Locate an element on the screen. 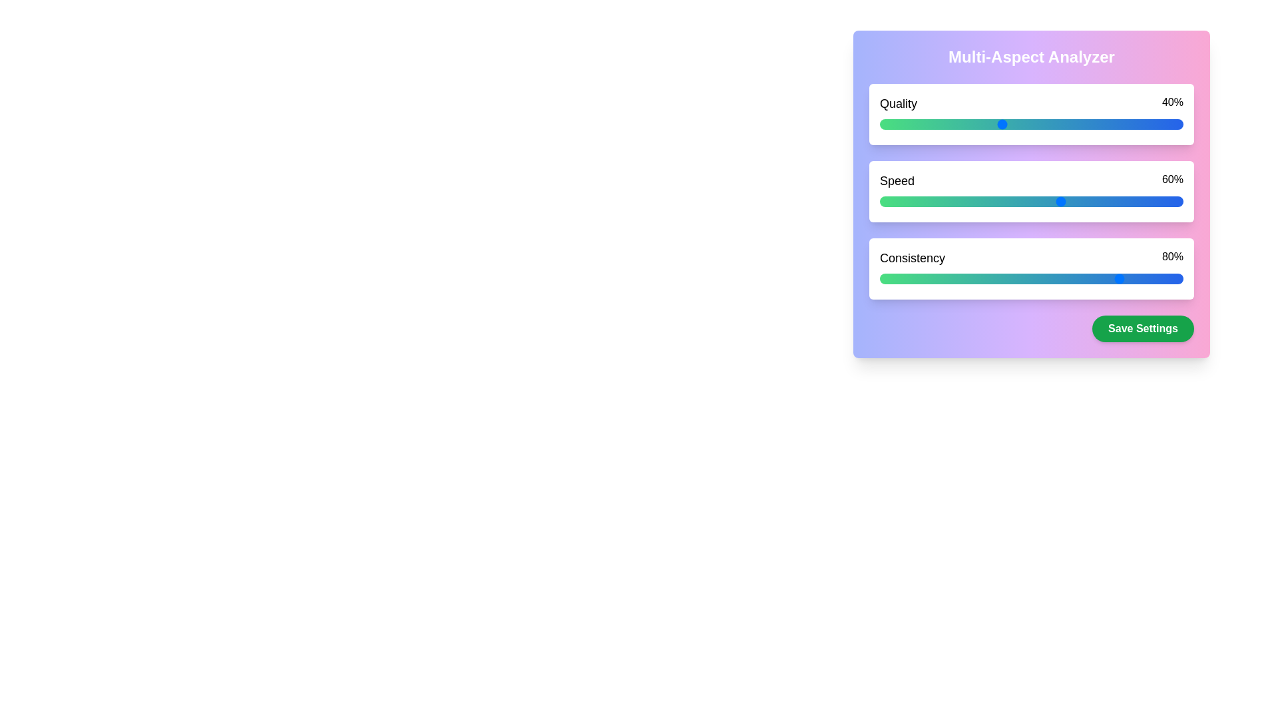 The width and height of the screenshot is (1278, 719). Consistency is located at coordinates (958, 278).